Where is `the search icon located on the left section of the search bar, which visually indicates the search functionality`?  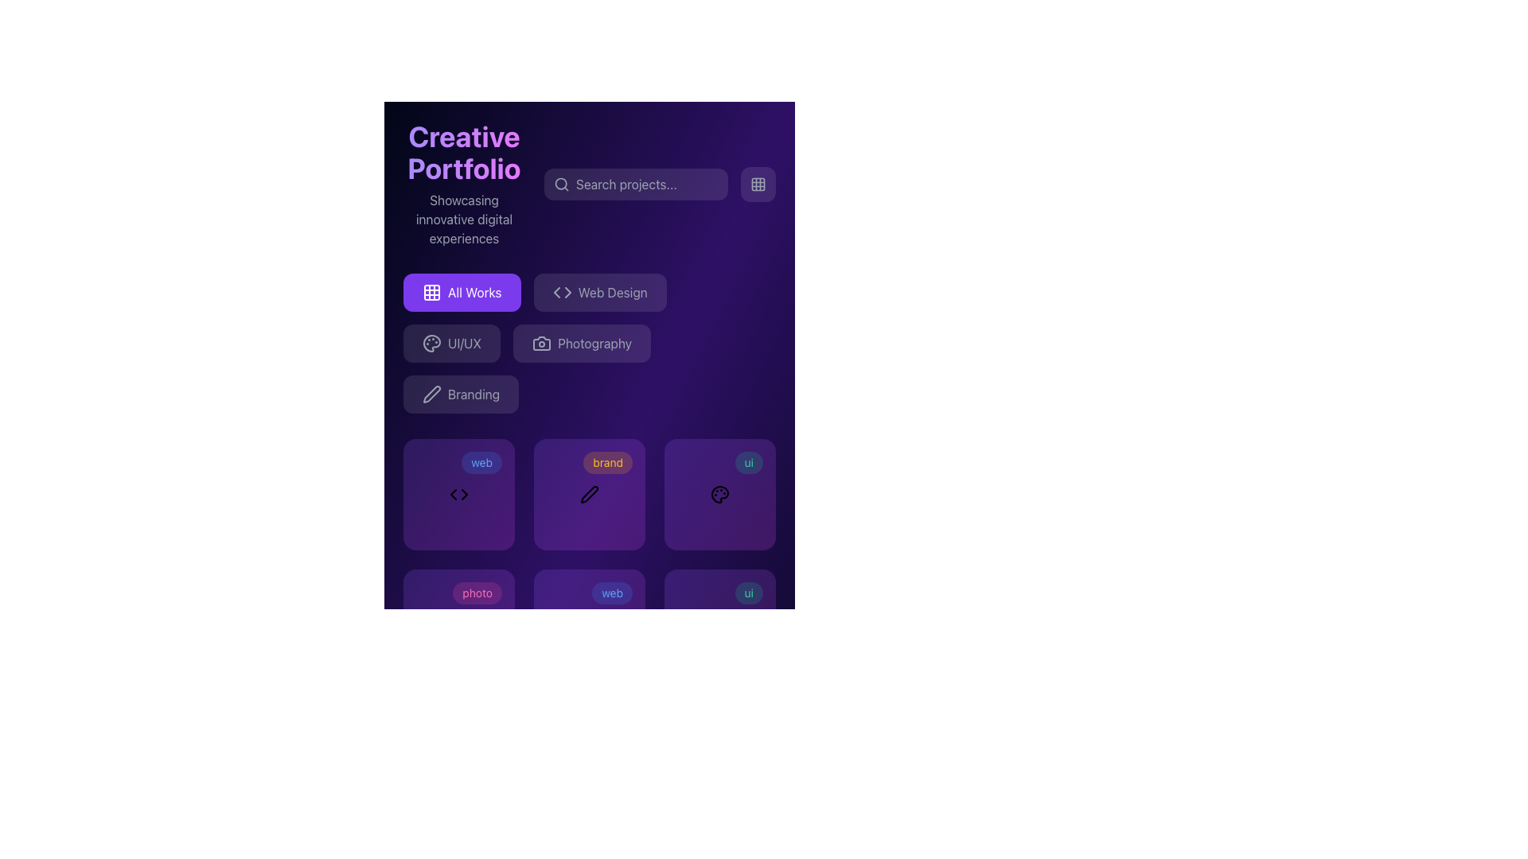
the search icon located on the left section of the search bar, which visually indicates the search functionality is located at coordinates (561, 183).